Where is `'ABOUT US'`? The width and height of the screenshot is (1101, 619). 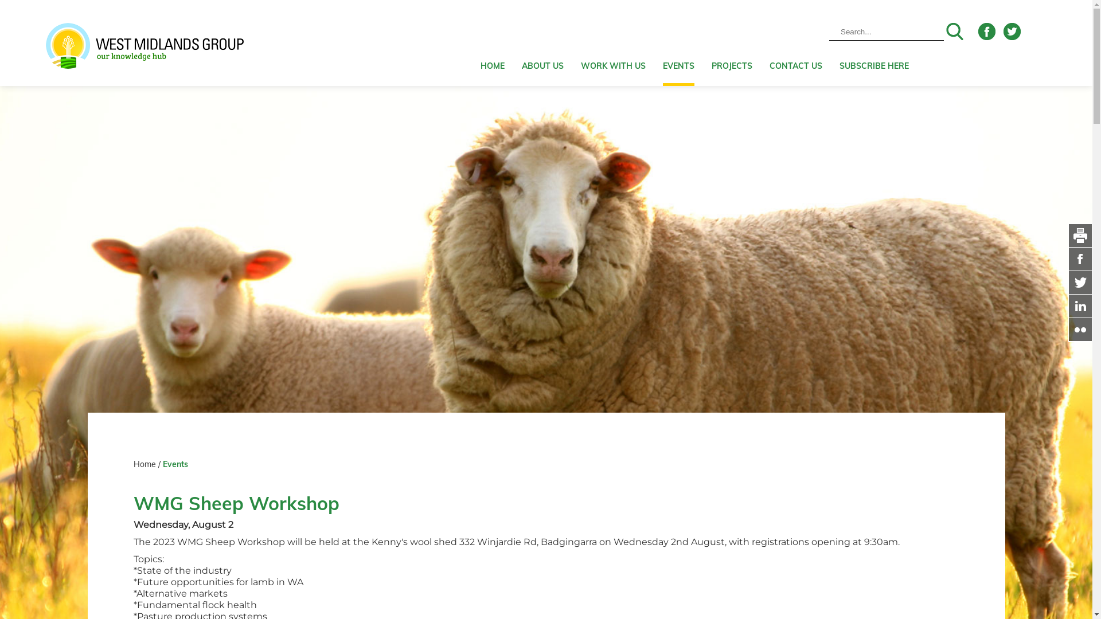 'ABOUT US' is located at coordinates (542, 42).